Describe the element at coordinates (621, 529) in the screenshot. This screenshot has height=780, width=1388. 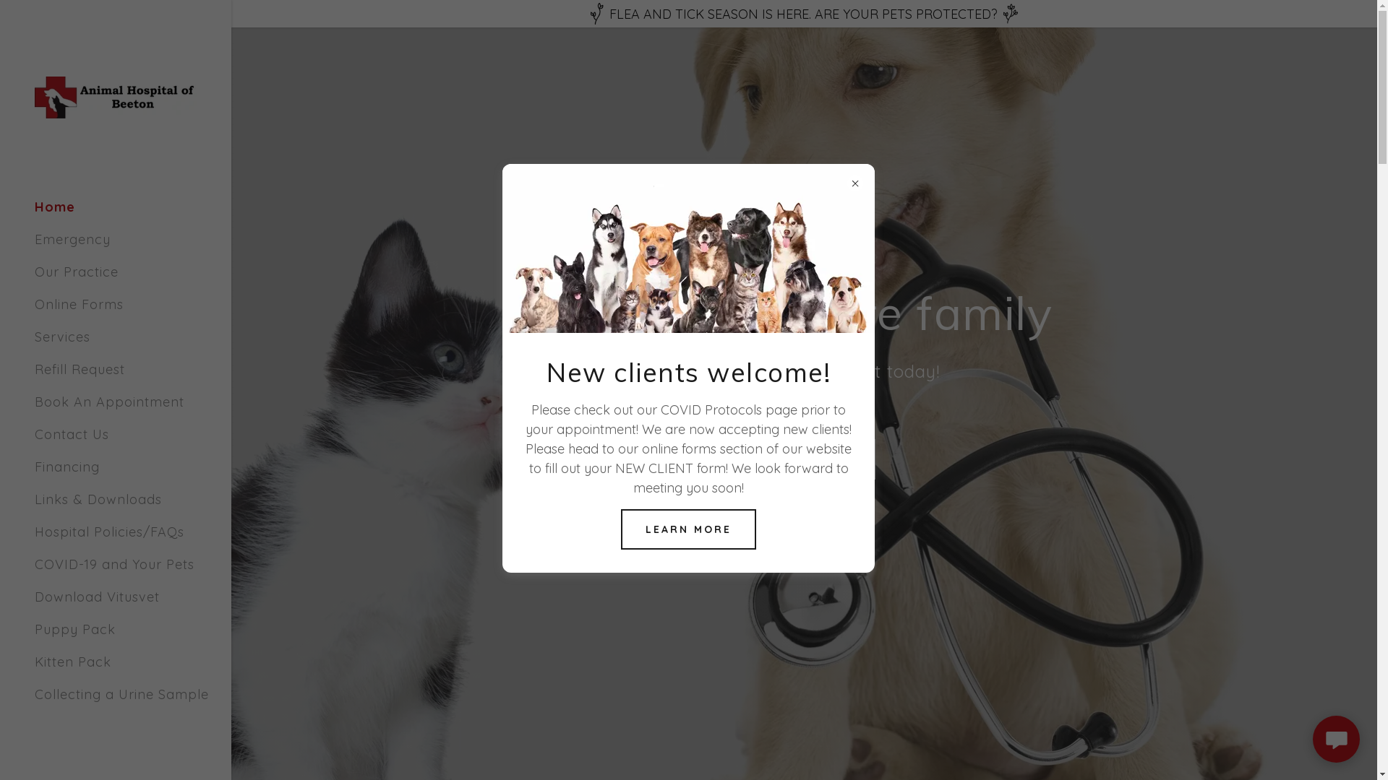
I see `'LEARN MORE'` at that location.